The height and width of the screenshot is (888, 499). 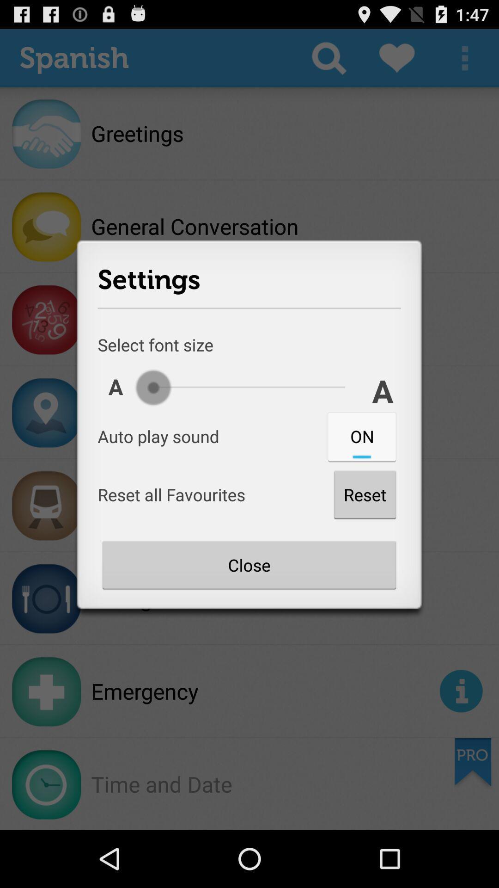 I want to click on the close button, so click(x=249, y=564).